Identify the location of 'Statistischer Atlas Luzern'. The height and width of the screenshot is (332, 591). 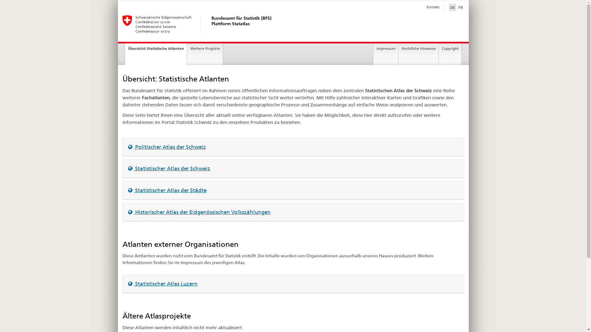
(163, 283).